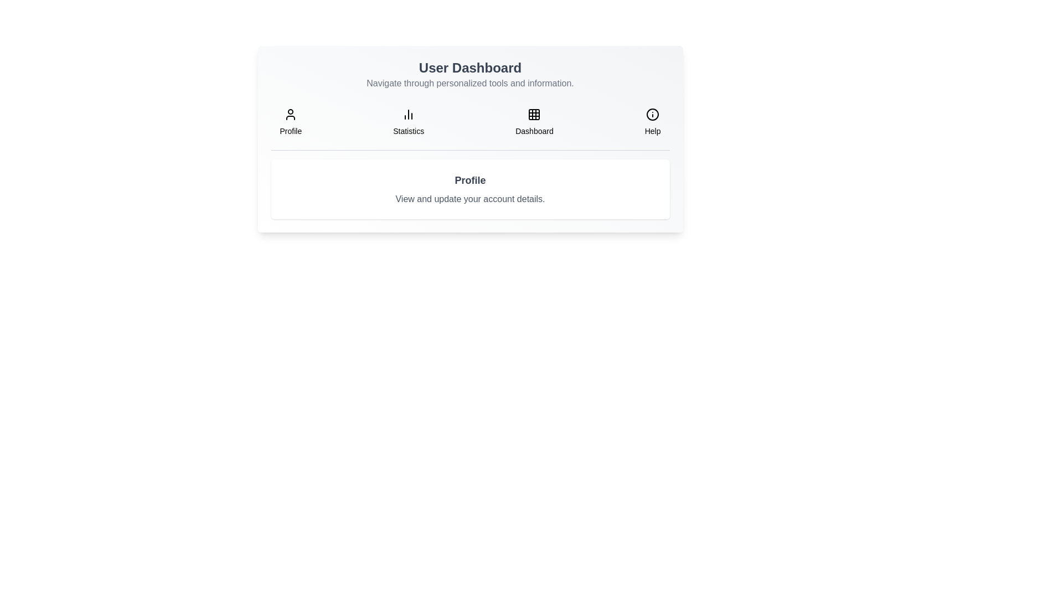  Describe the element at coordinates (653, 122) in the screenshot. I see `the tab labeled Help to navigate to its content` at that location.